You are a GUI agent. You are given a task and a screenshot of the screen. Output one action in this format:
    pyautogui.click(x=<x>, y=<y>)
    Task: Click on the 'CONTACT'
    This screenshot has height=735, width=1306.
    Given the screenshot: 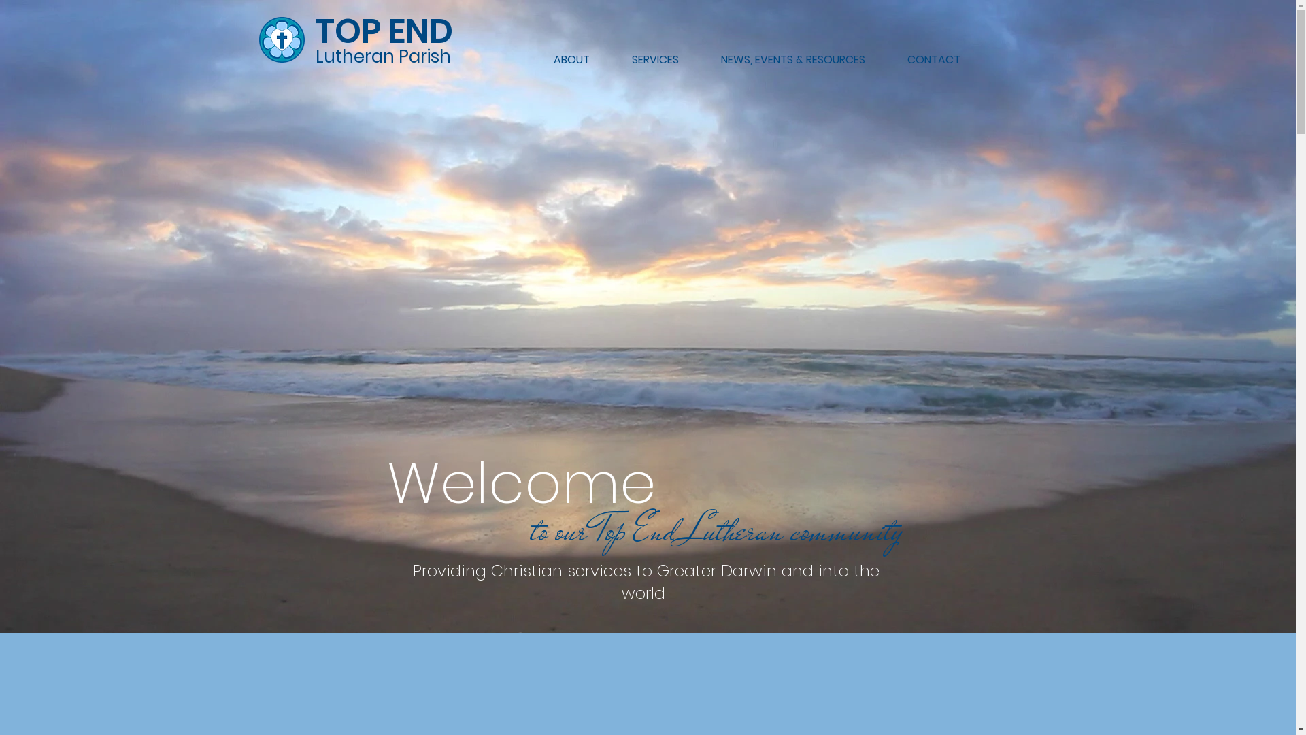 What is the action you would take?
    pyautogui.click(x=933, y=59)
    